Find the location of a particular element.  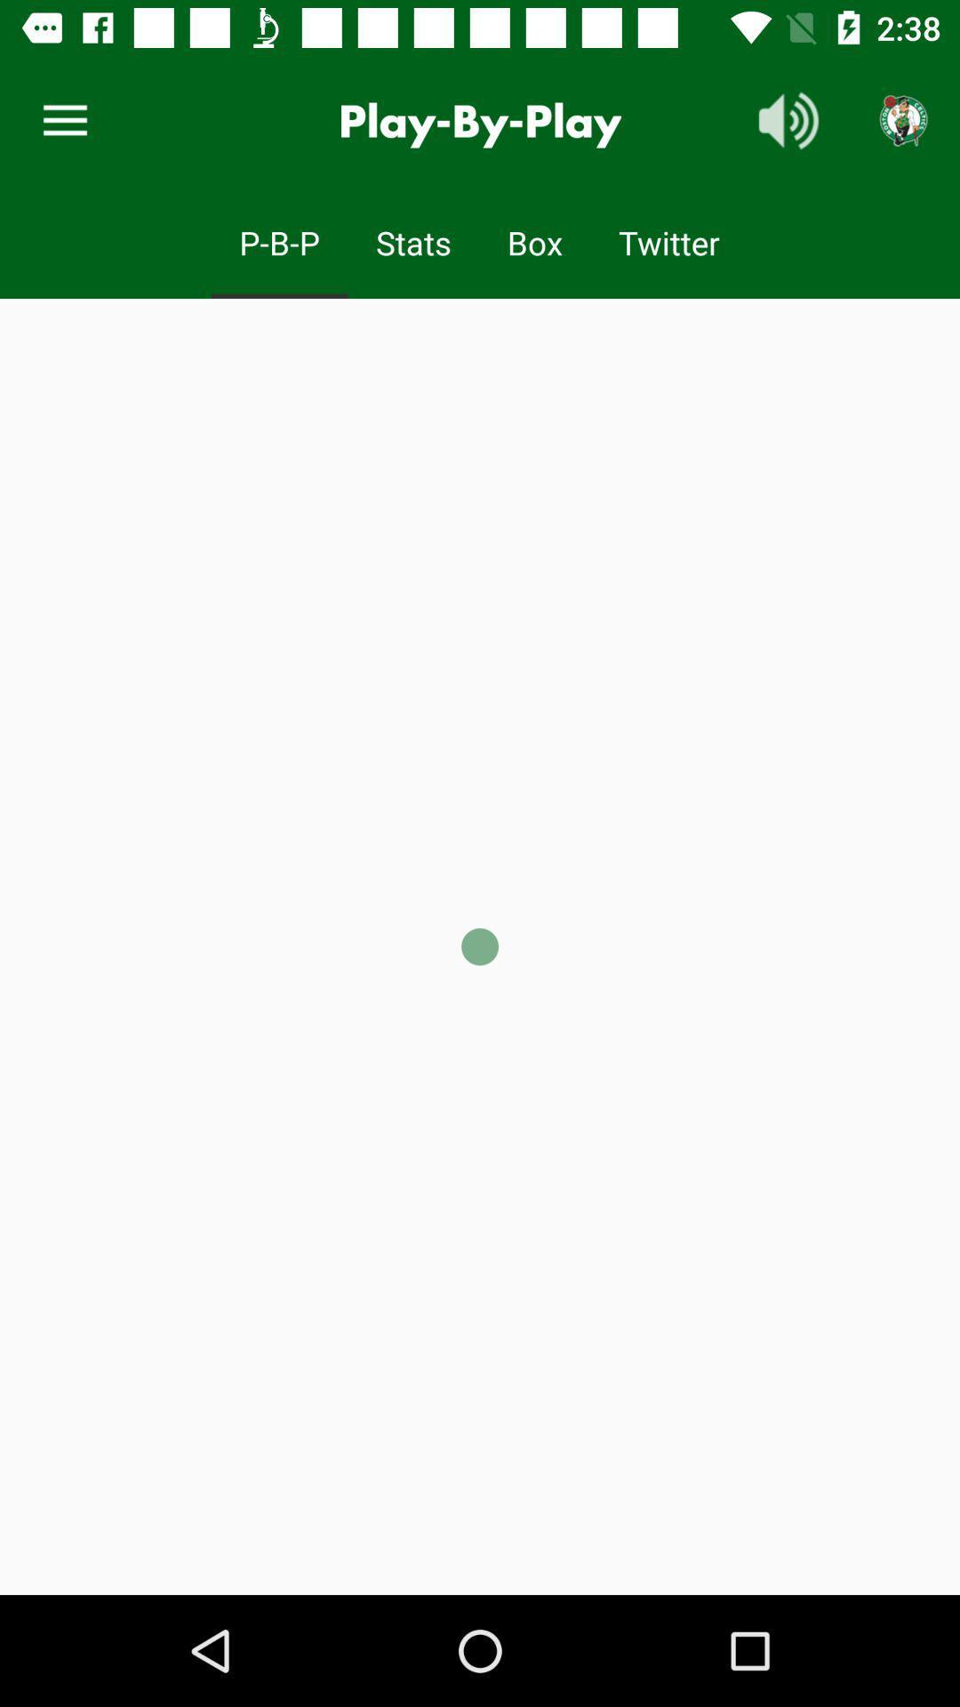

the icon to the right of the play-by-play icon is located at coordinates (788, 120).